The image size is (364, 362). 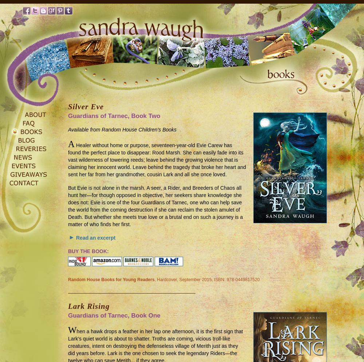 I want to click on 'A', so click(x=71, y=143).